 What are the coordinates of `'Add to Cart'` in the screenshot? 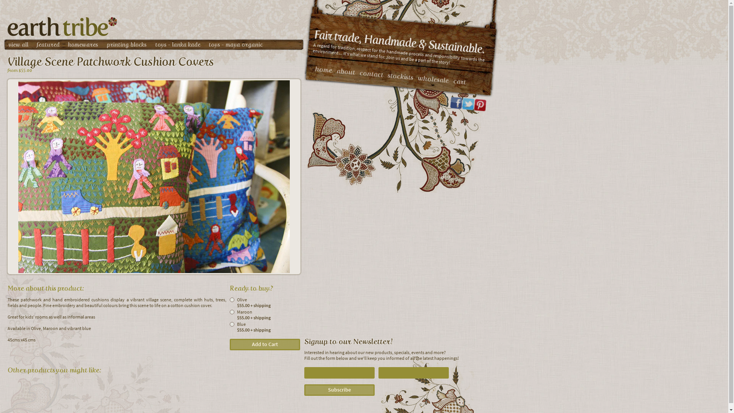 It's located at (265, 345).